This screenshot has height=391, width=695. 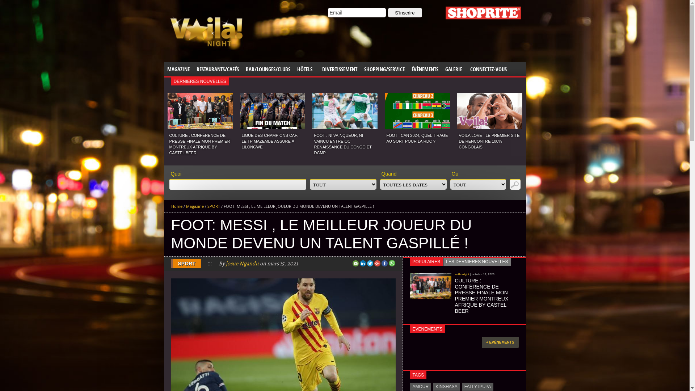 What do you see at coordinates (488, 69) in the screenshot?
I see `'CONNECTEZ-VOUS'` at bounding box center [488, 69].